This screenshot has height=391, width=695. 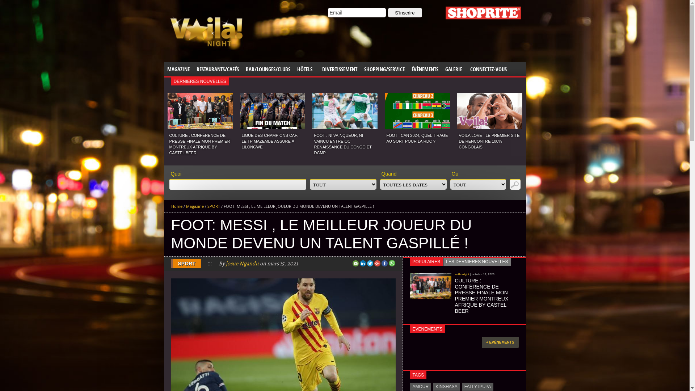 What do you see at coordinates (488, 69) in the screenshot?
I see `'CONNECTEZ-VOUS'` at bounding box center [488, 69].